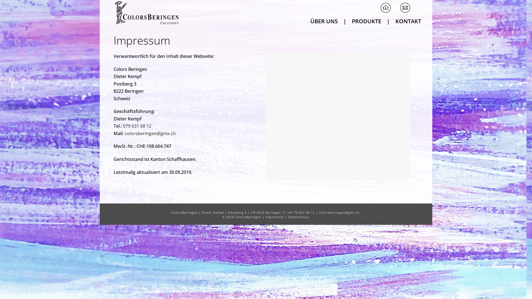 The height and width of the screenshot is (299, 532). What do you see at coordinates (299, 212) in the screenshot?
I see `'T +41 79 631 68 12'` at bounding box center [299, 212].